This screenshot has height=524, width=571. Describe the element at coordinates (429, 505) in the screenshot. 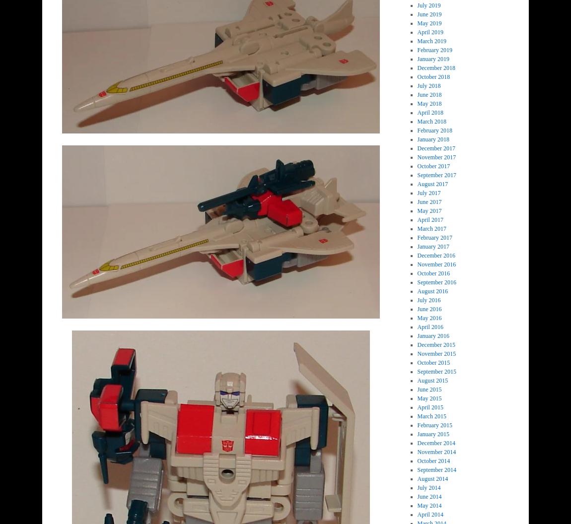

I see `'May 2014'` at that location.